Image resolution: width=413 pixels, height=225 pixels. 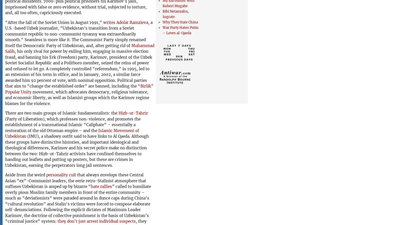 What do you see at coordinates (78, 204) in the screenshot?
I see `'” called to humiliate overly pious Muslim family members in front of the entire community – much as “deviationists” were paraded around in dunce caps during China’s “cultural revolution” and Stalin’s victims were forced to compose elaborate self-denunciations. Following the explicit dictates of Maximum Leader Karimov, the doctrine of collective punishment is the basis of Uzbekistan’s “criminal justice” system:'` at bounding box center [78, 204].